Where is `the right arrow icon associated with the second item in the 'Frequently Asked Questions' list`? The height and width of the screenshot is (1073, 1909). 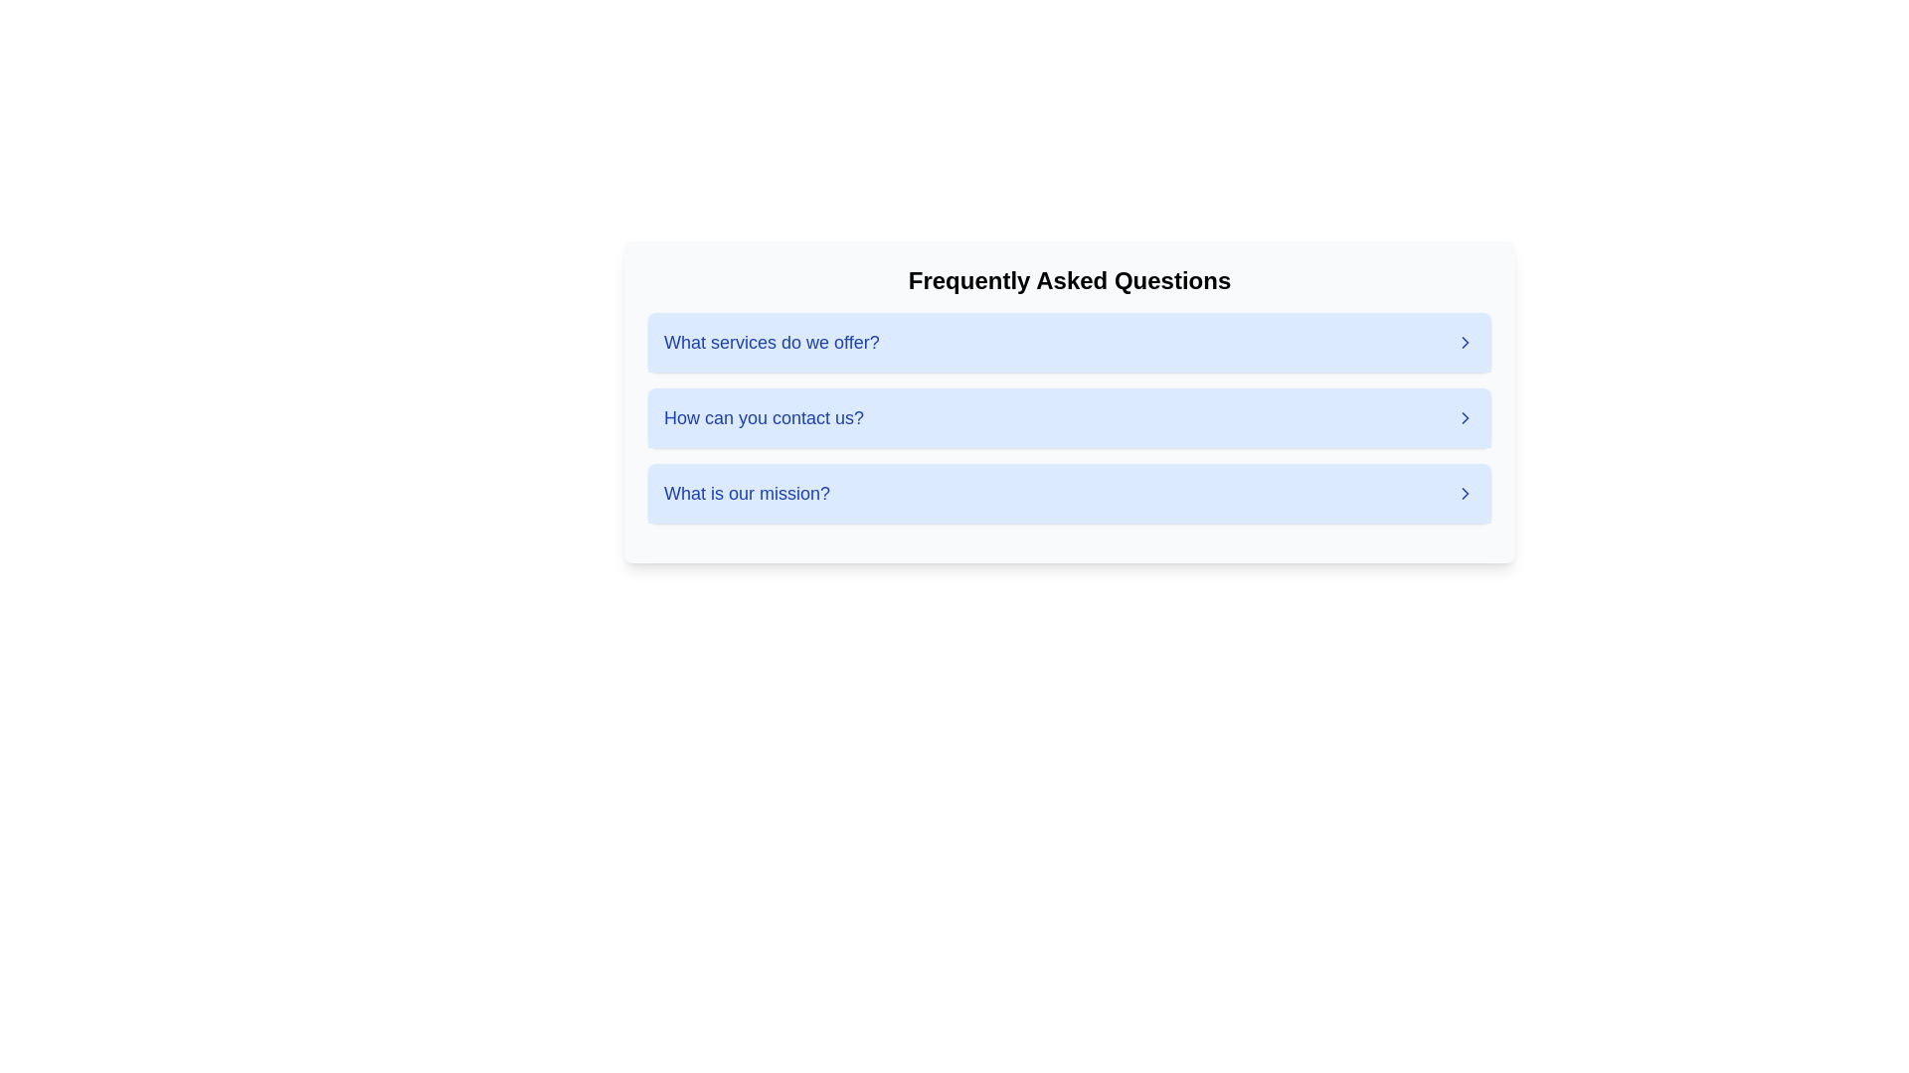
the right arrow icon associated with the second item in the 'Frequently Asked Questions' list is located at coordinates (1465, 416).